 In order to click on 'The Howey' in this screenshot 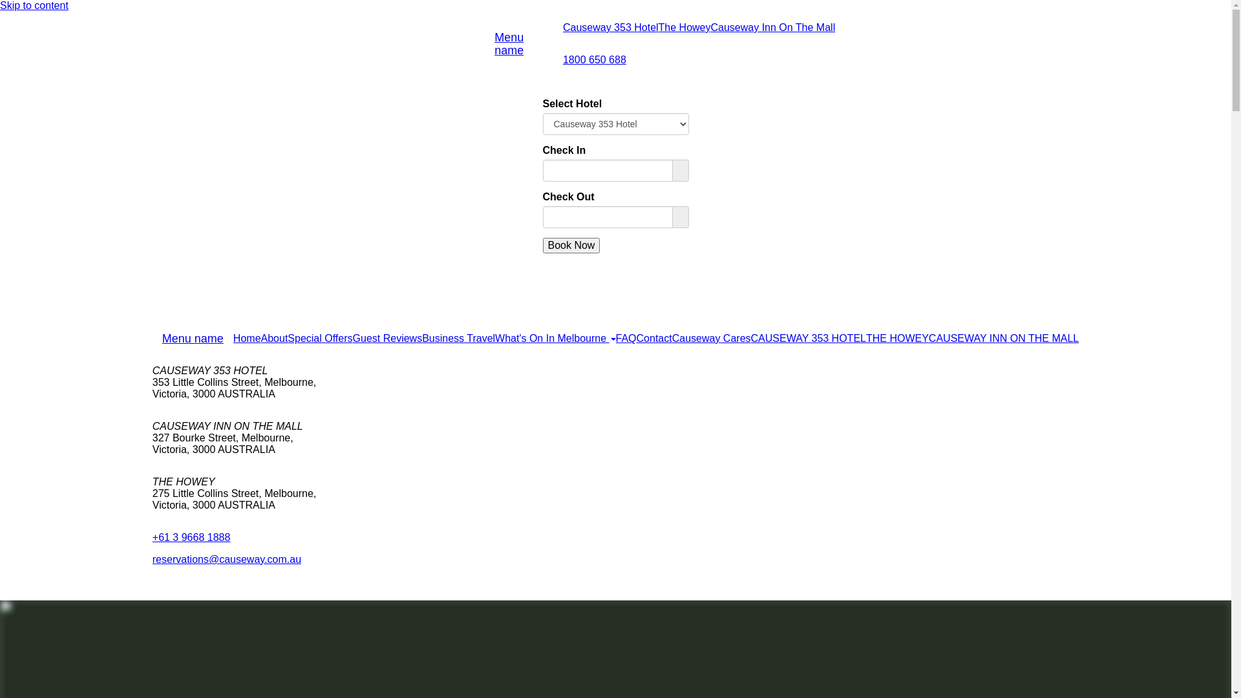, I will do `click(684, 27)`.